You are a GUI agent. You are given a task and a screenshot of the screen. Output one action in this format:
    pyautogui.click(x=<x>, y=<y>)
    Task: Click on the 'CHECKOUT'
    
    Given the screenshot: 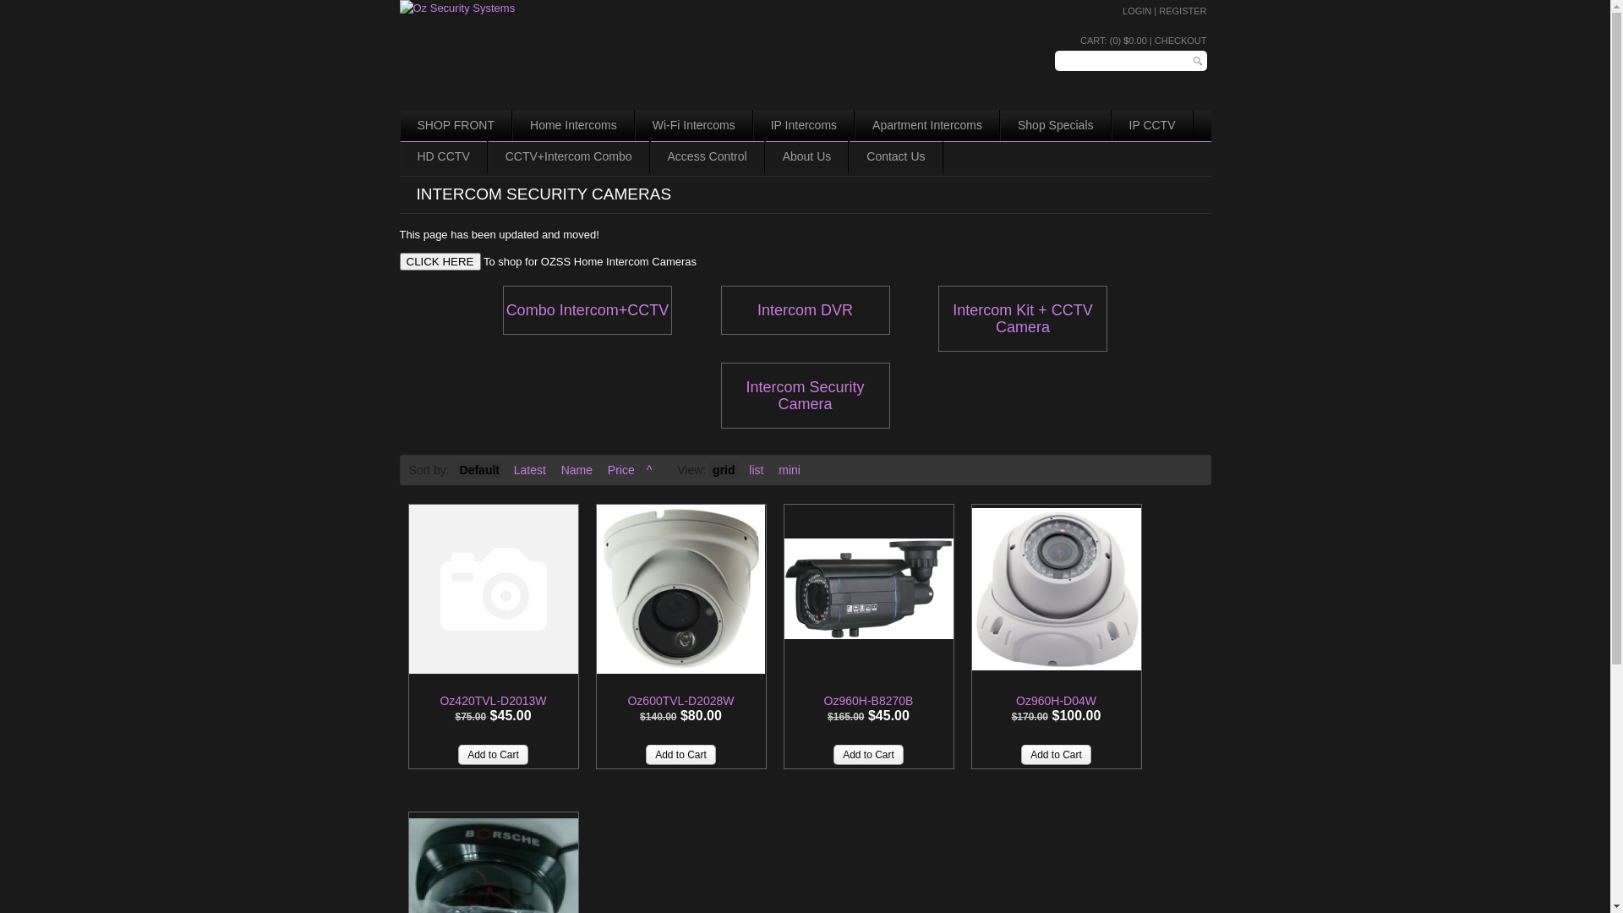 What is the action you would take?
    pyautogui.click(x=1179, y=39)
    